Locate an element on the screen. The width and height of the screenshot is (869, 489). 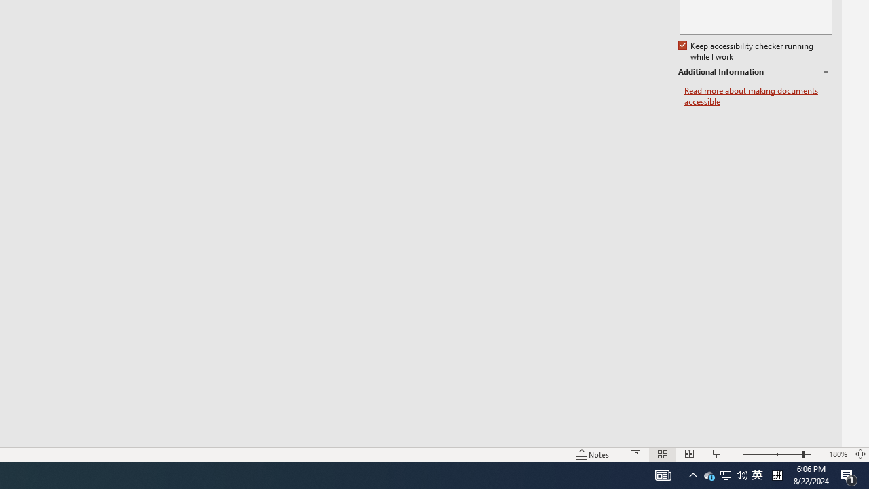
'Read more about making documents accessible' is located at coordinates (758, 96).